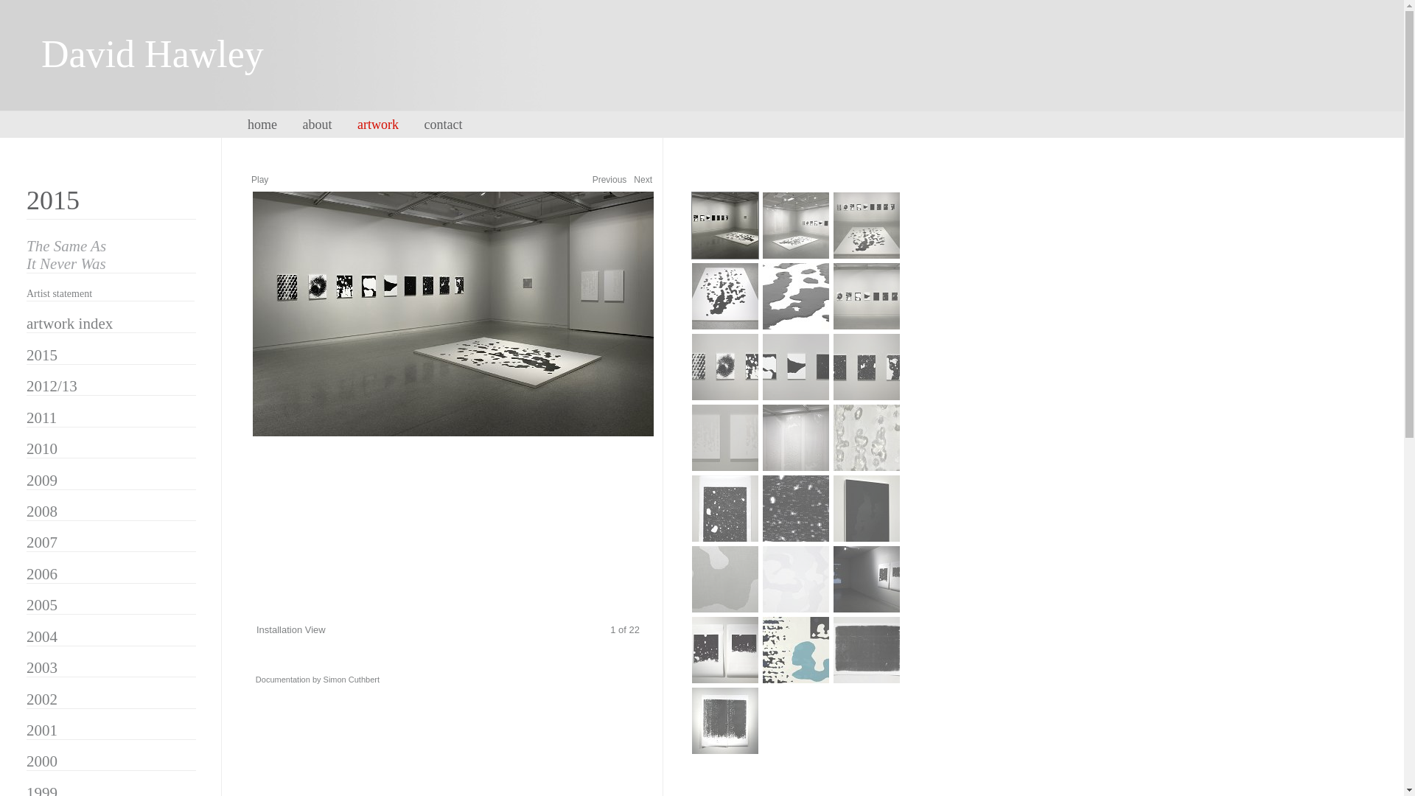 This screenshot has width=1415, height=796. I want to click on '2007', so click(26, 542).